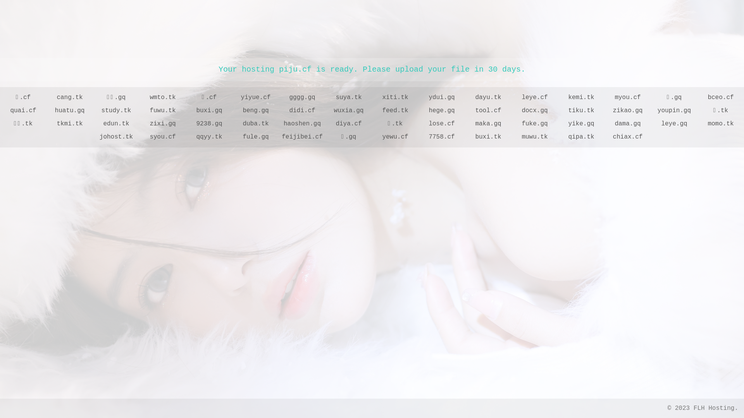 This screenshot has height=418, width=744. I want to click on 'qqyy.tk', so click(209, 137).